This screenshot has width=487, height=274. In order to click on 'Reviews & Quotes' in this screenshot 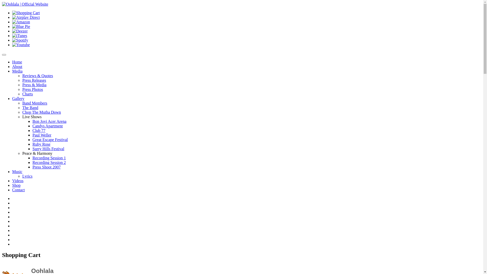, I will do `click(37, 76)`.